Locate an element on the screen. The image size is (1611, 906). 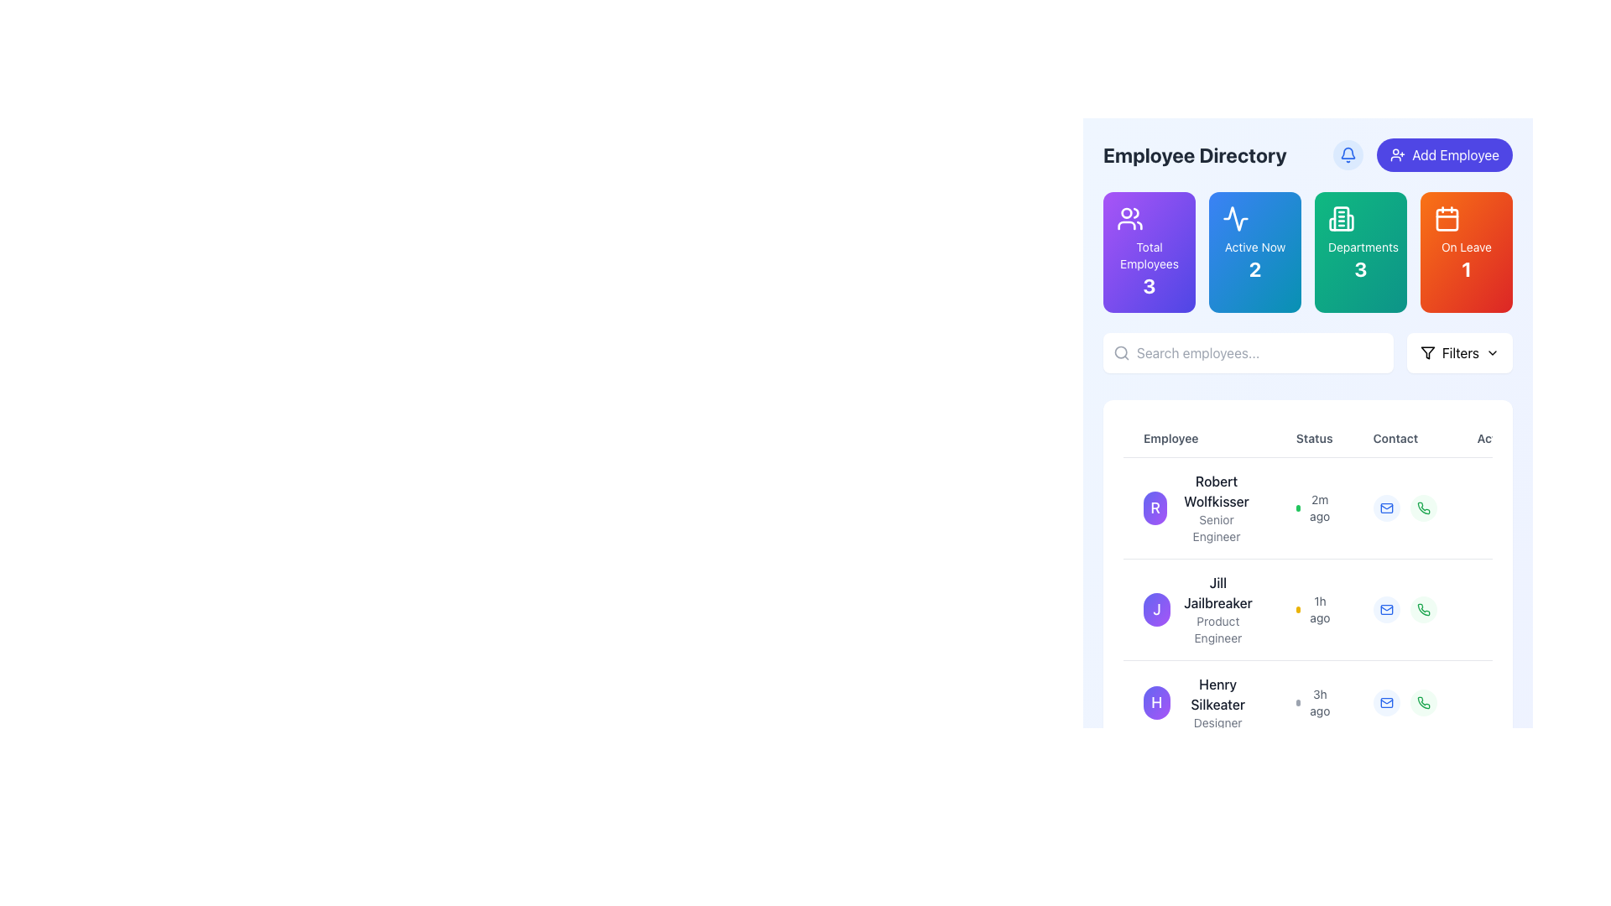
'Active Now' label displayed at the top center of the rounded rectangular card containing a gradient from blue to cyan, which is positioned above the numeric value '2' is located at coordinates (1255, 247).